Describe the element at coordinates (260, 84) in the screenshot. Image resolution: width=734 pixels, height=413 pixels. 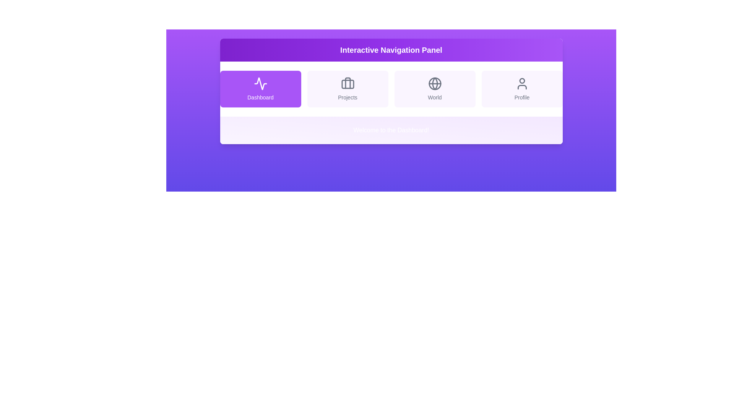
I see `the first SVG icon resembling a graph signal in the interactive navigation panel` at that location.